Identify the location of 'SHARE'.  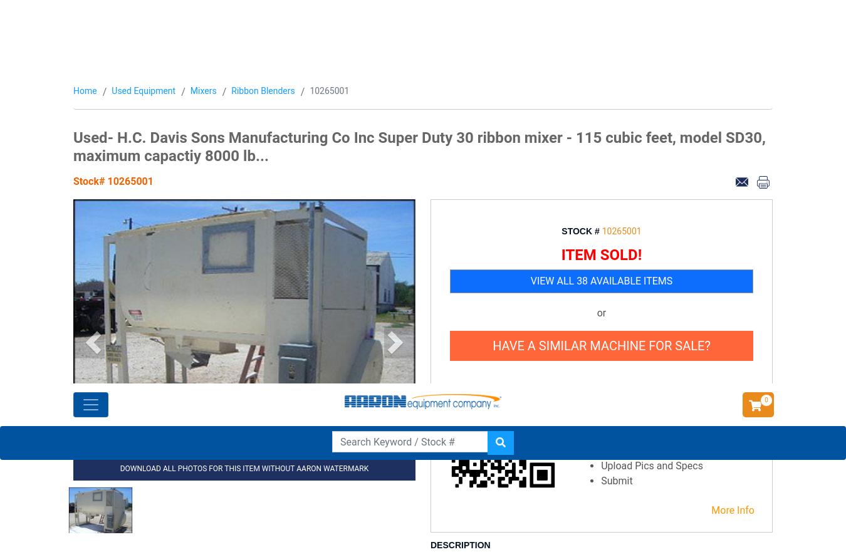
(445, 305).